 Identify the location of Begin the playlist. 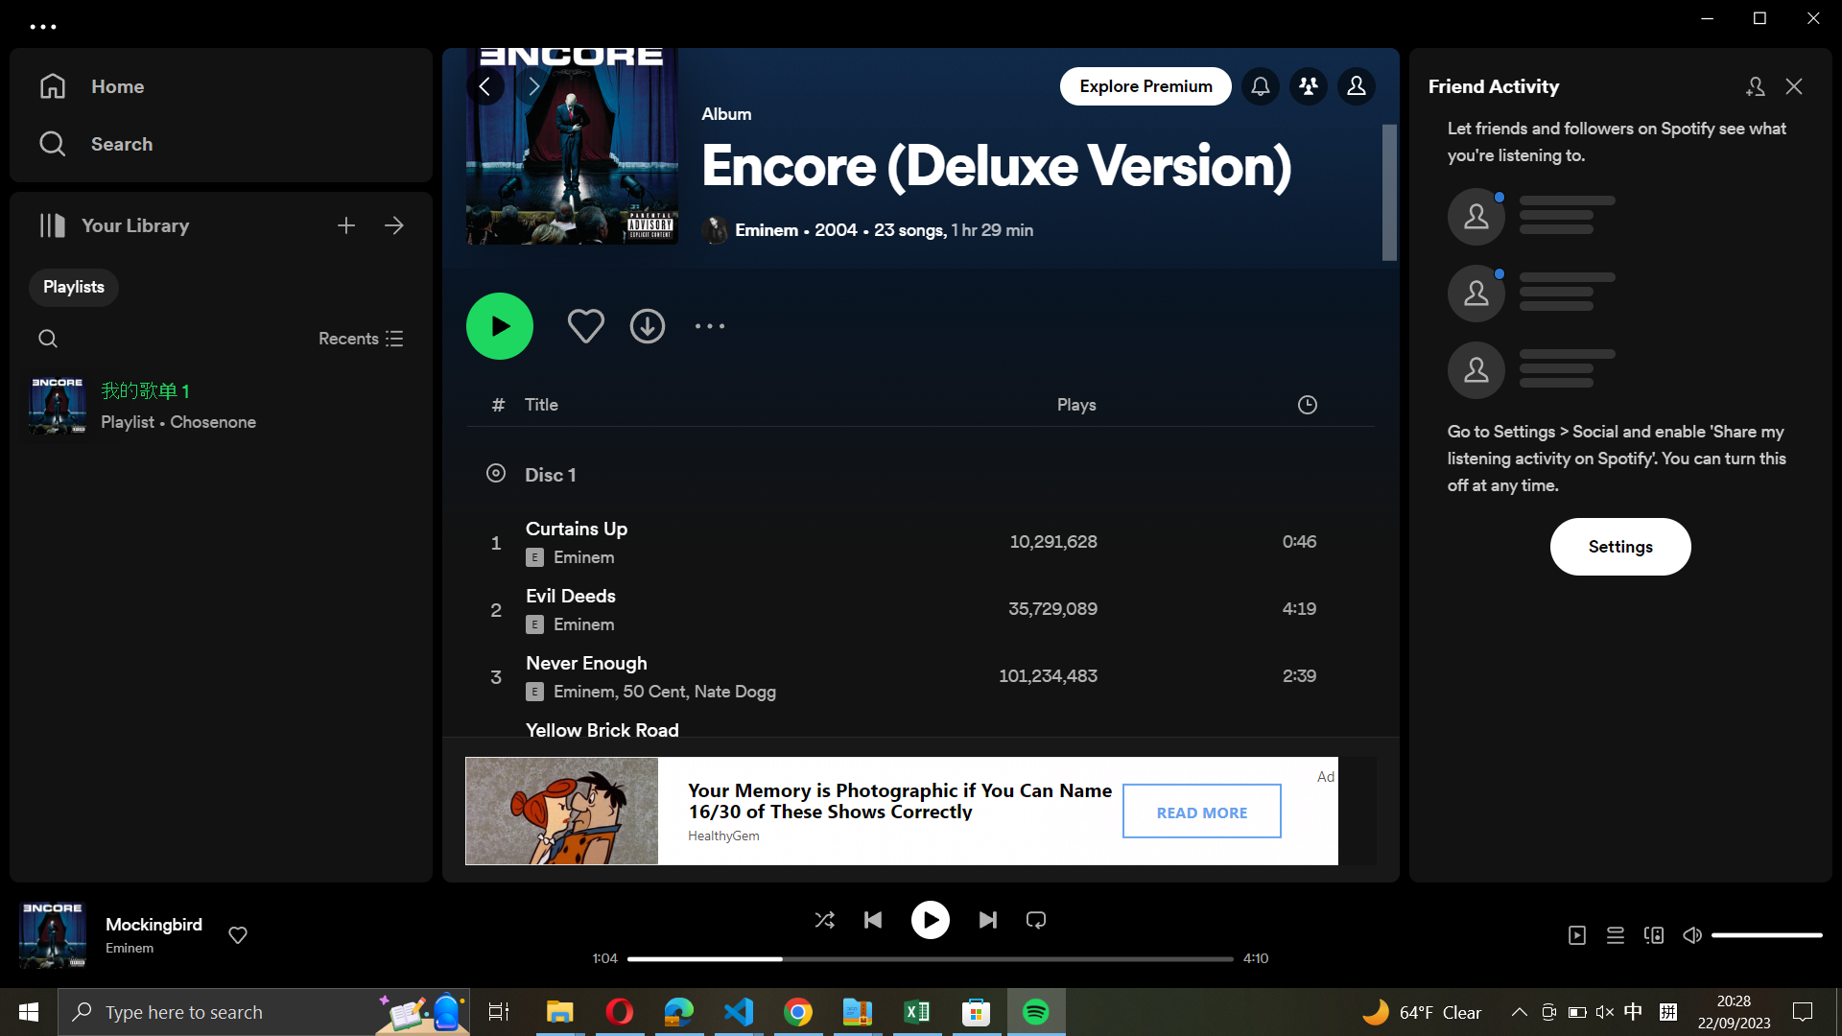
(500, 324).